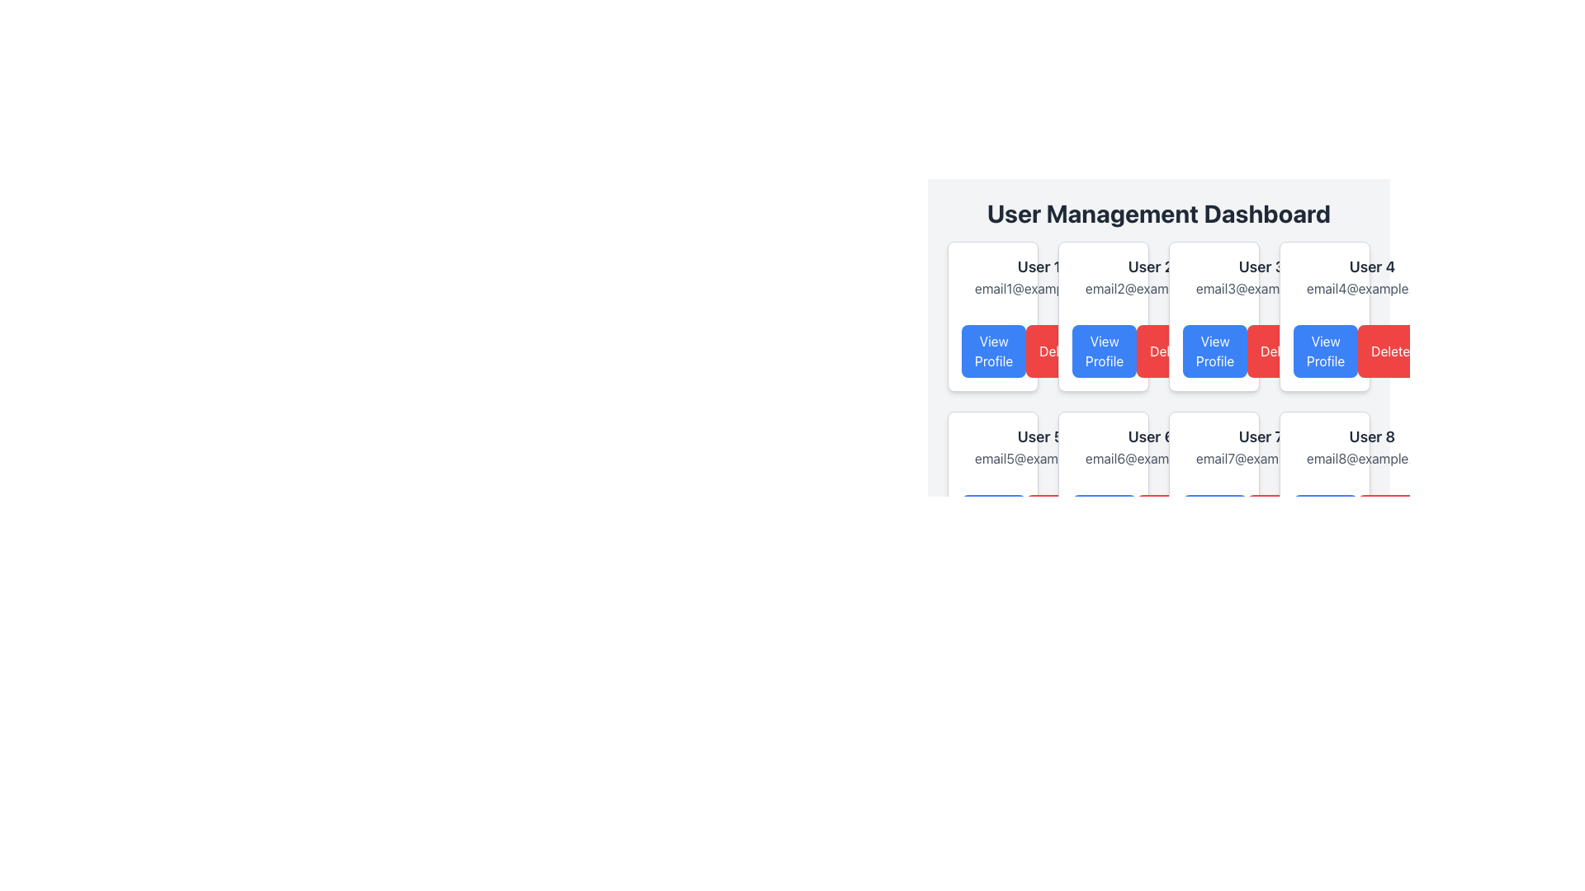 The width and height of the screenshot is (1585, 891). What do you see at coordinates (1039, 447) in the screenshot?
I see `the text element displaying 'User 5' in bold font, located in the second row of the user cards grid under 'User Management Dashboard'` at bounding box center [1039, 447].